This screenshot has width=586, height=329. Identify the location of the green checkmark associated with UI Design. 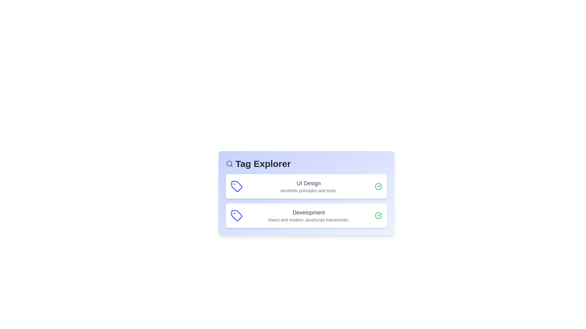
(378, 186).